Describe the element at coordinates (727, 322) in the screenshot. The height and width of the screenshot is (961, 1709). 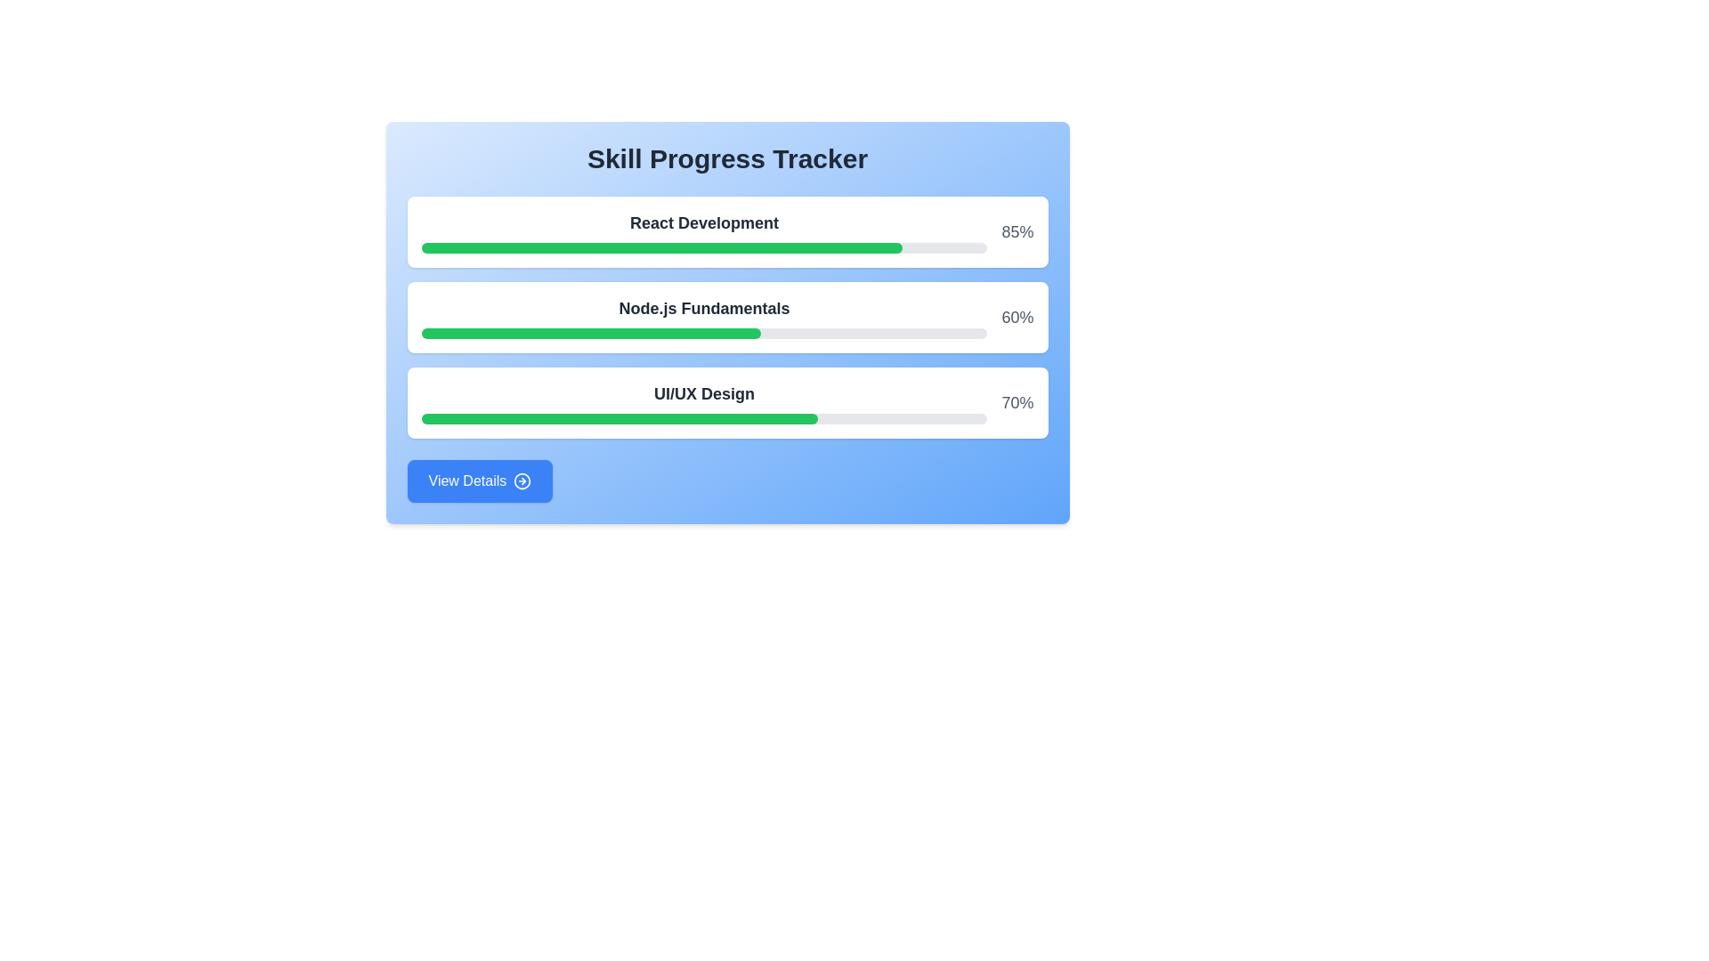
I see `skill progress level from the progress bar labeled 'Node.js Fundamentals', which is 60% filled with a green indicator` at that location.